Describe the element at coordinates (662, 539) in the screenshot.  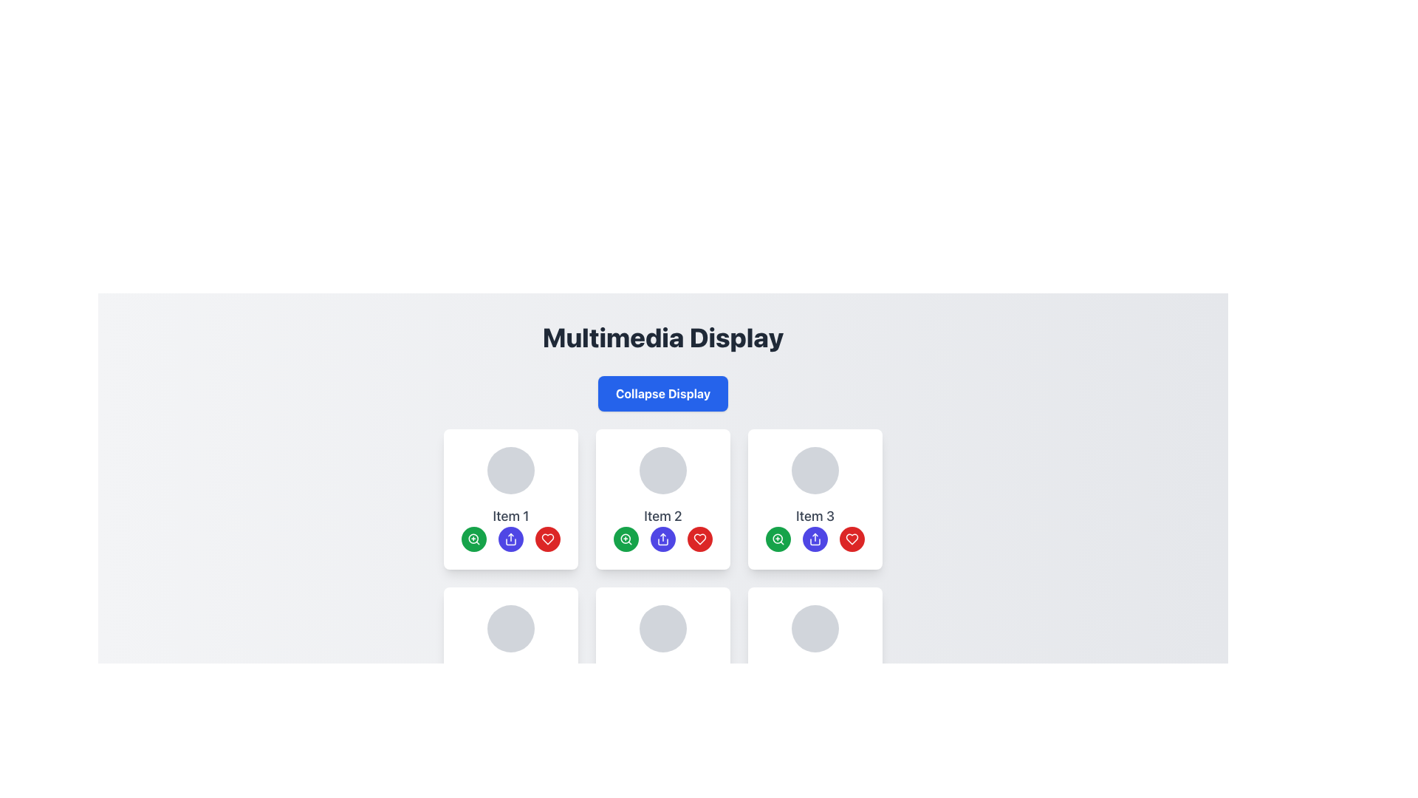
I see `the share icon represented by an upward arrow on a circular blue button located in the second item card of the multimedia display grid, specifically in the third column of icons` at that location.